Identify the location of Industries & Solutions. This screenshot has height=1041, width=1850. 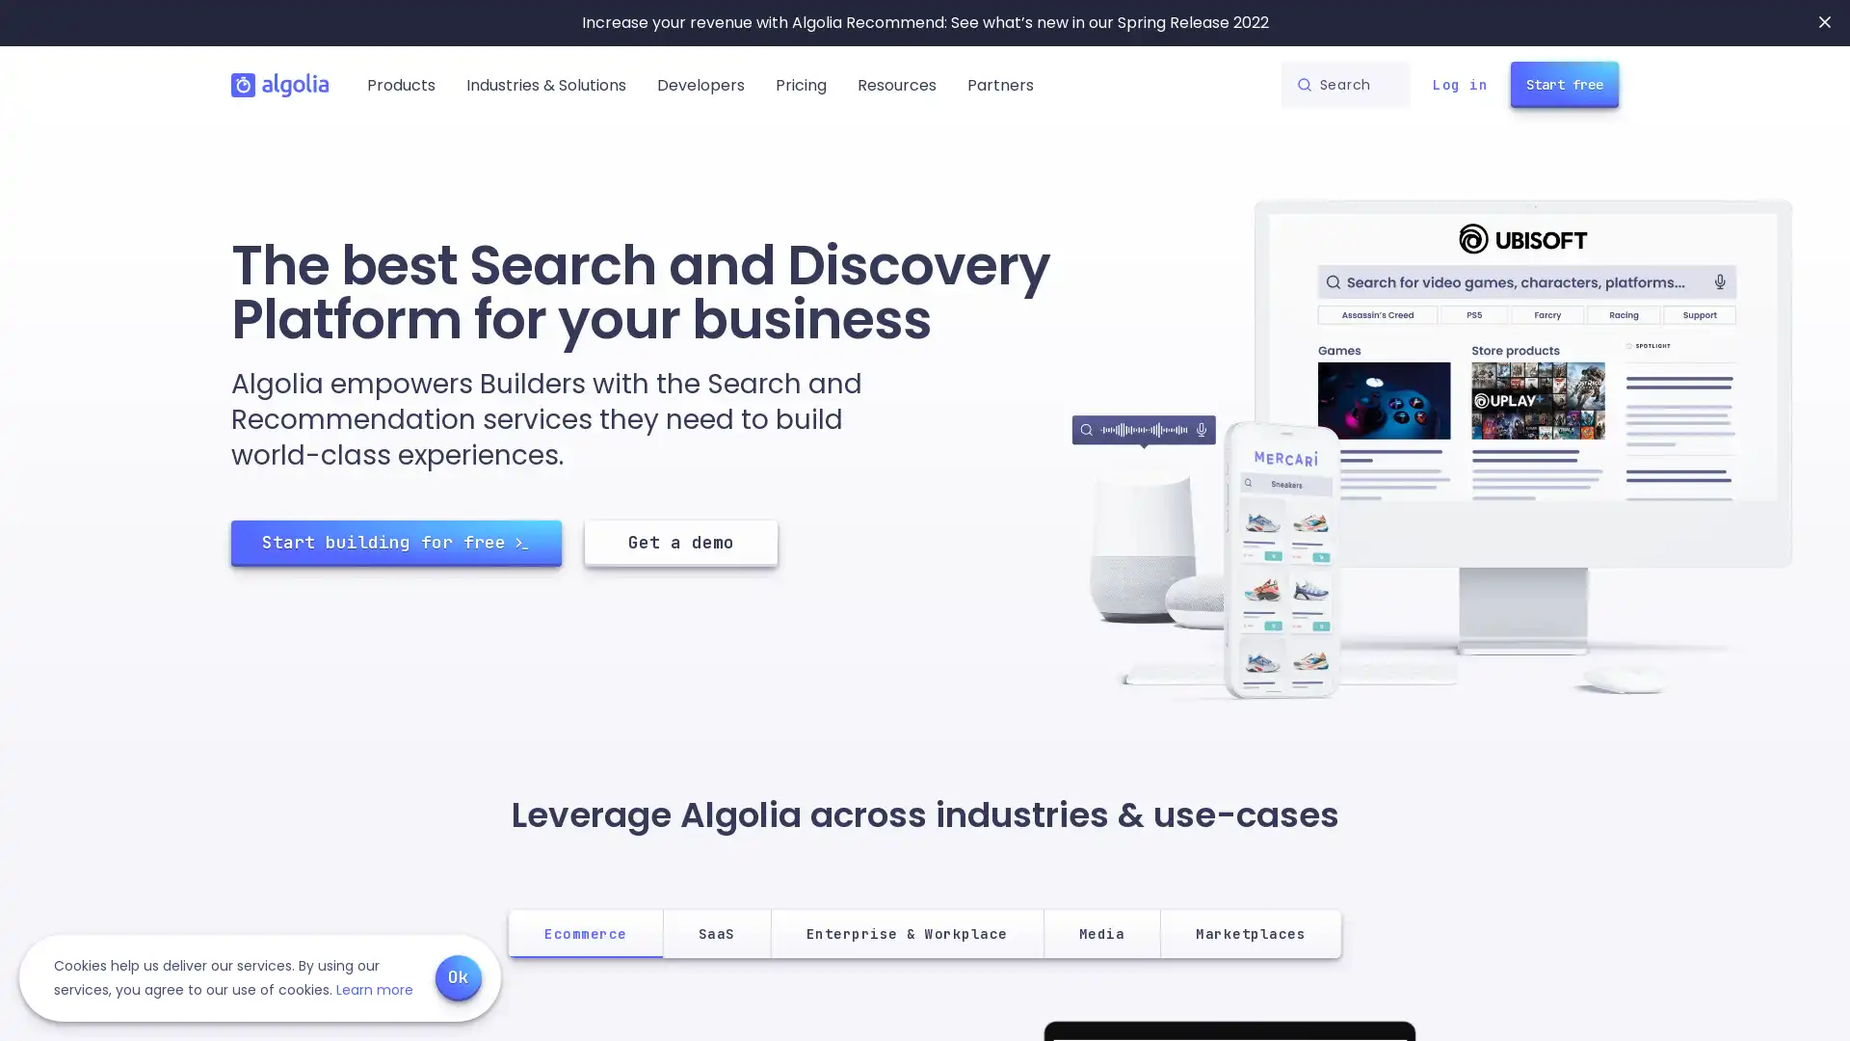
(553, 84).